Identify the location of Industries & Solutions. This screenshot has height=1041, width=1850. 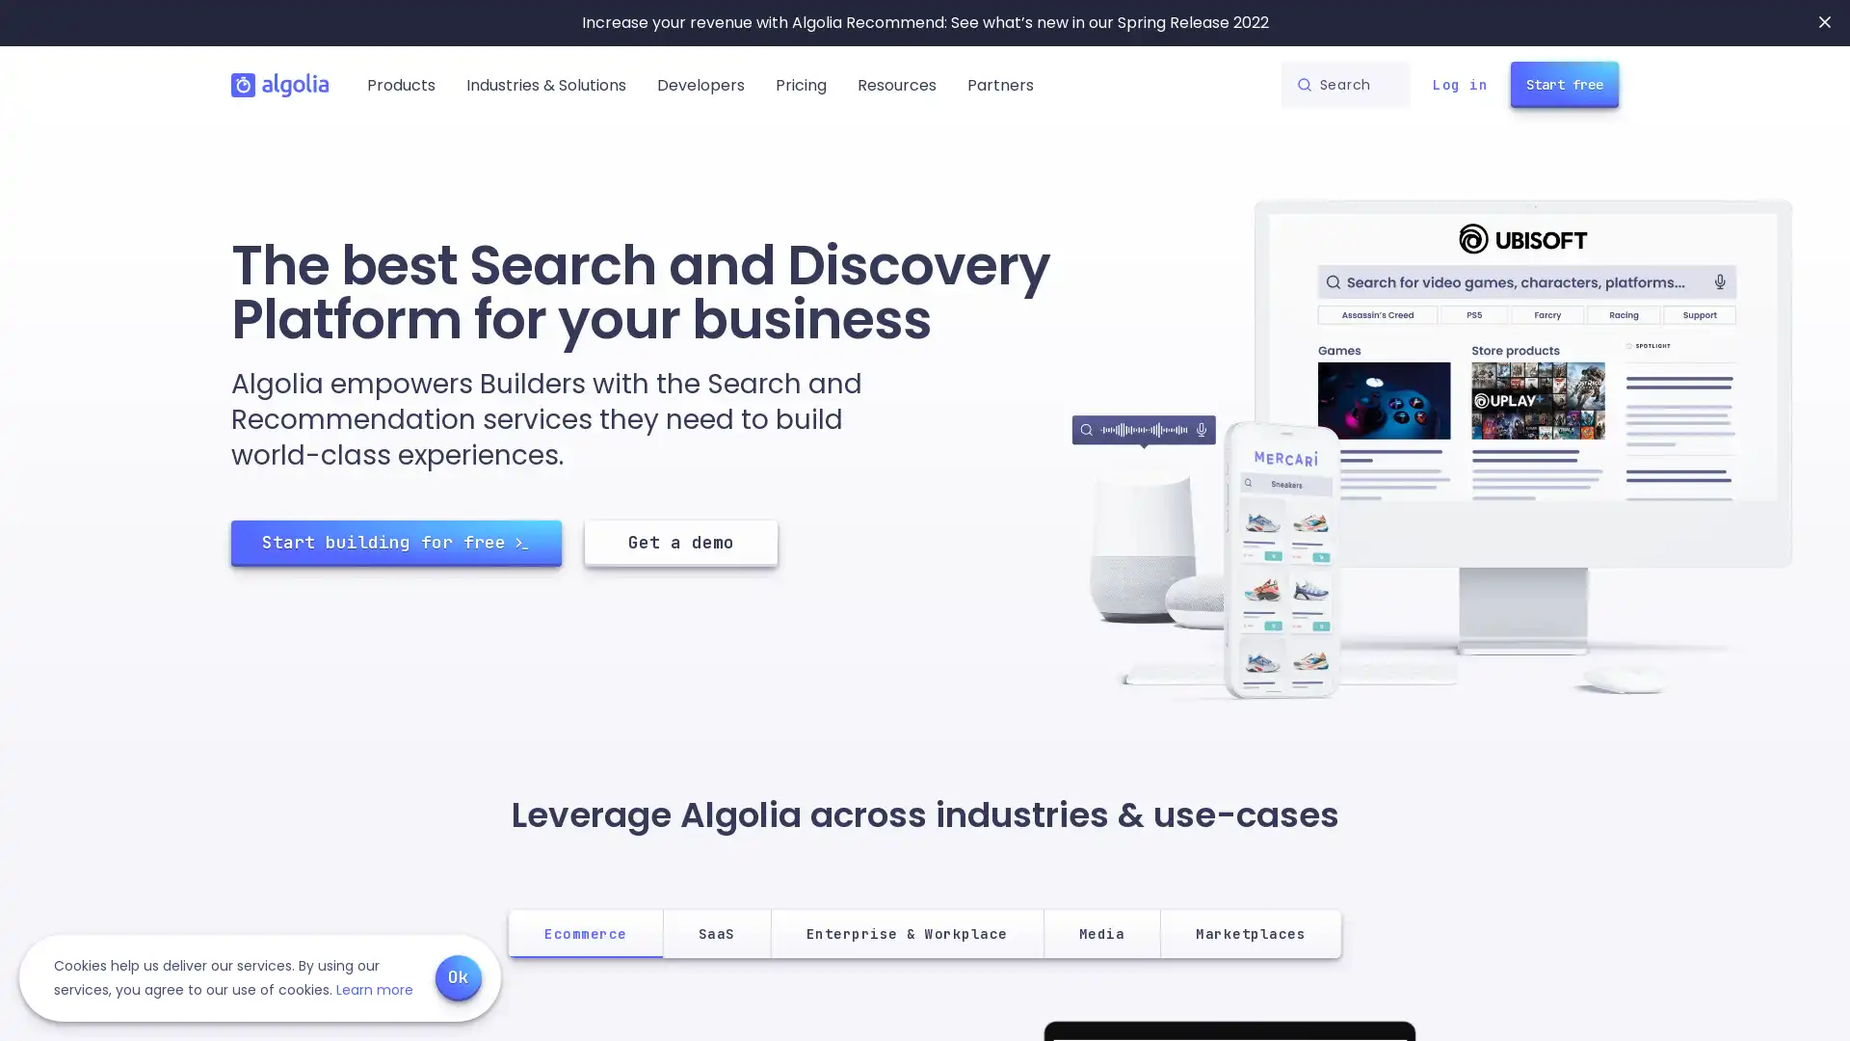
(553, 84).